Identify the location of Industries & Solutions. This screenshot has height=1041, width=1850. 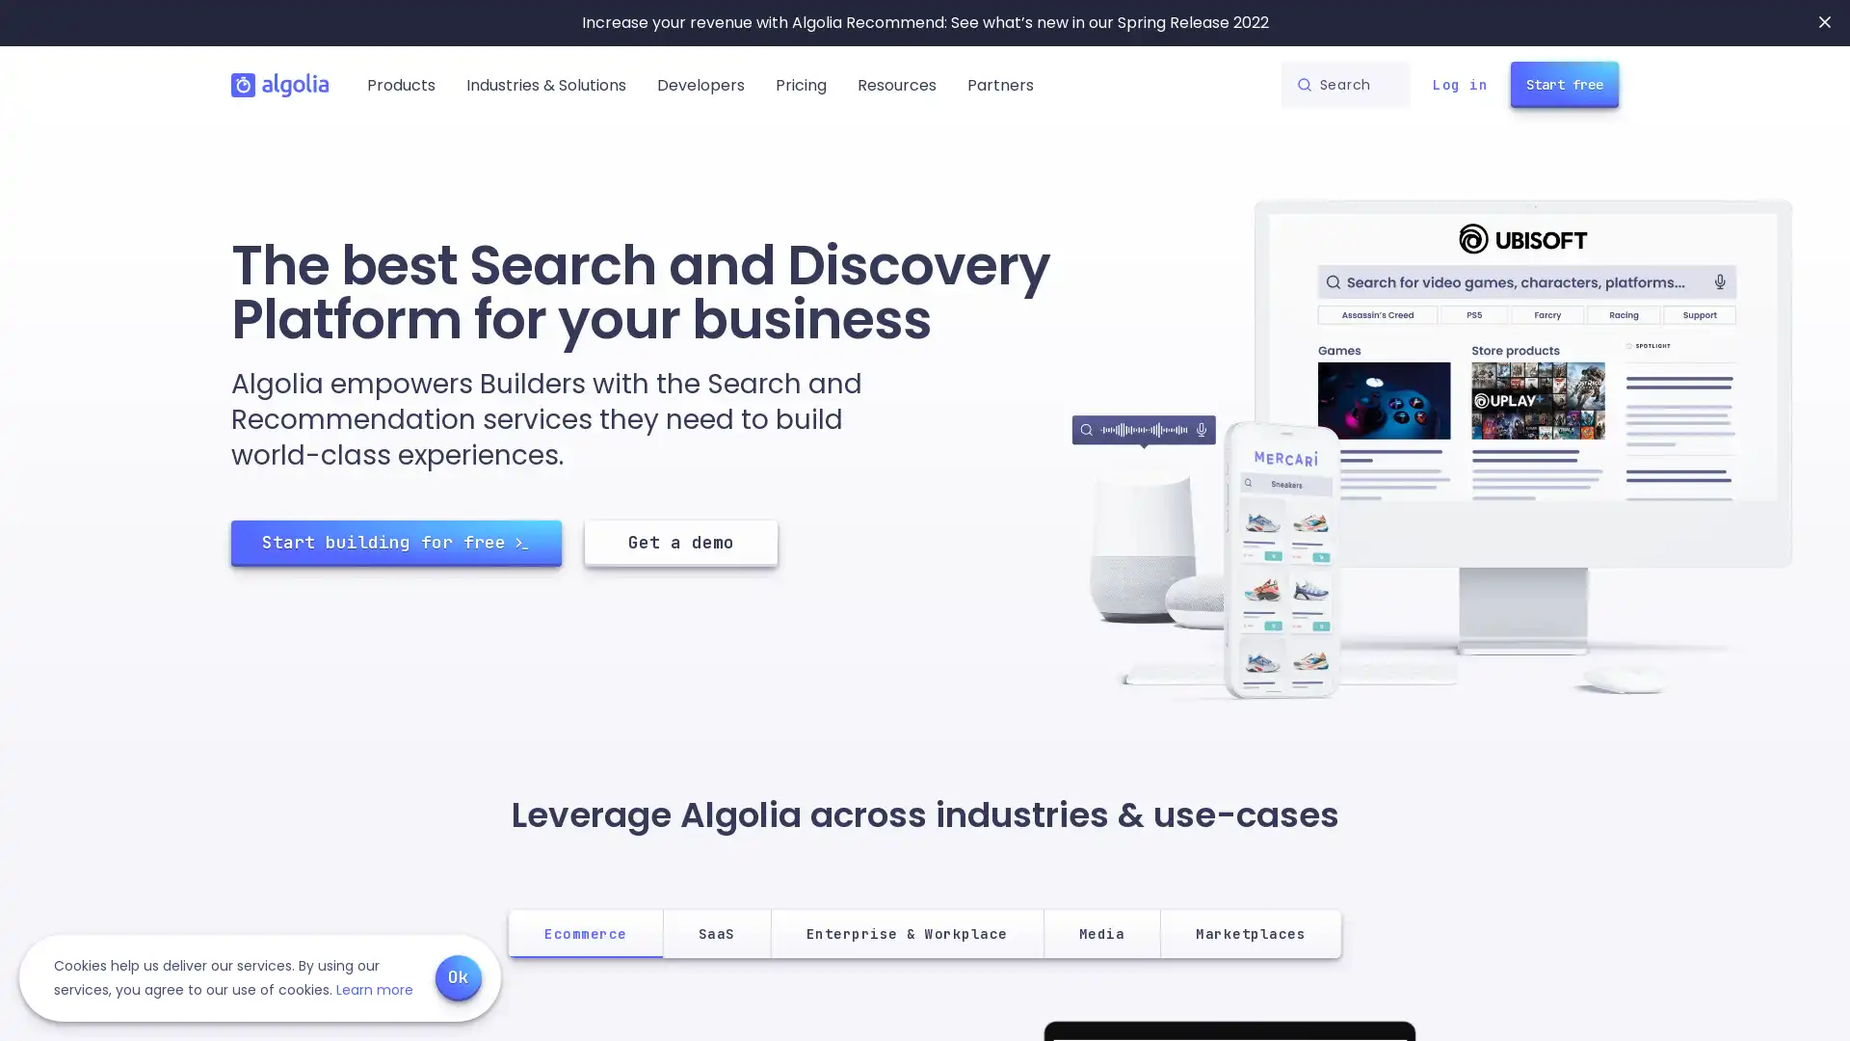
(553, 84).